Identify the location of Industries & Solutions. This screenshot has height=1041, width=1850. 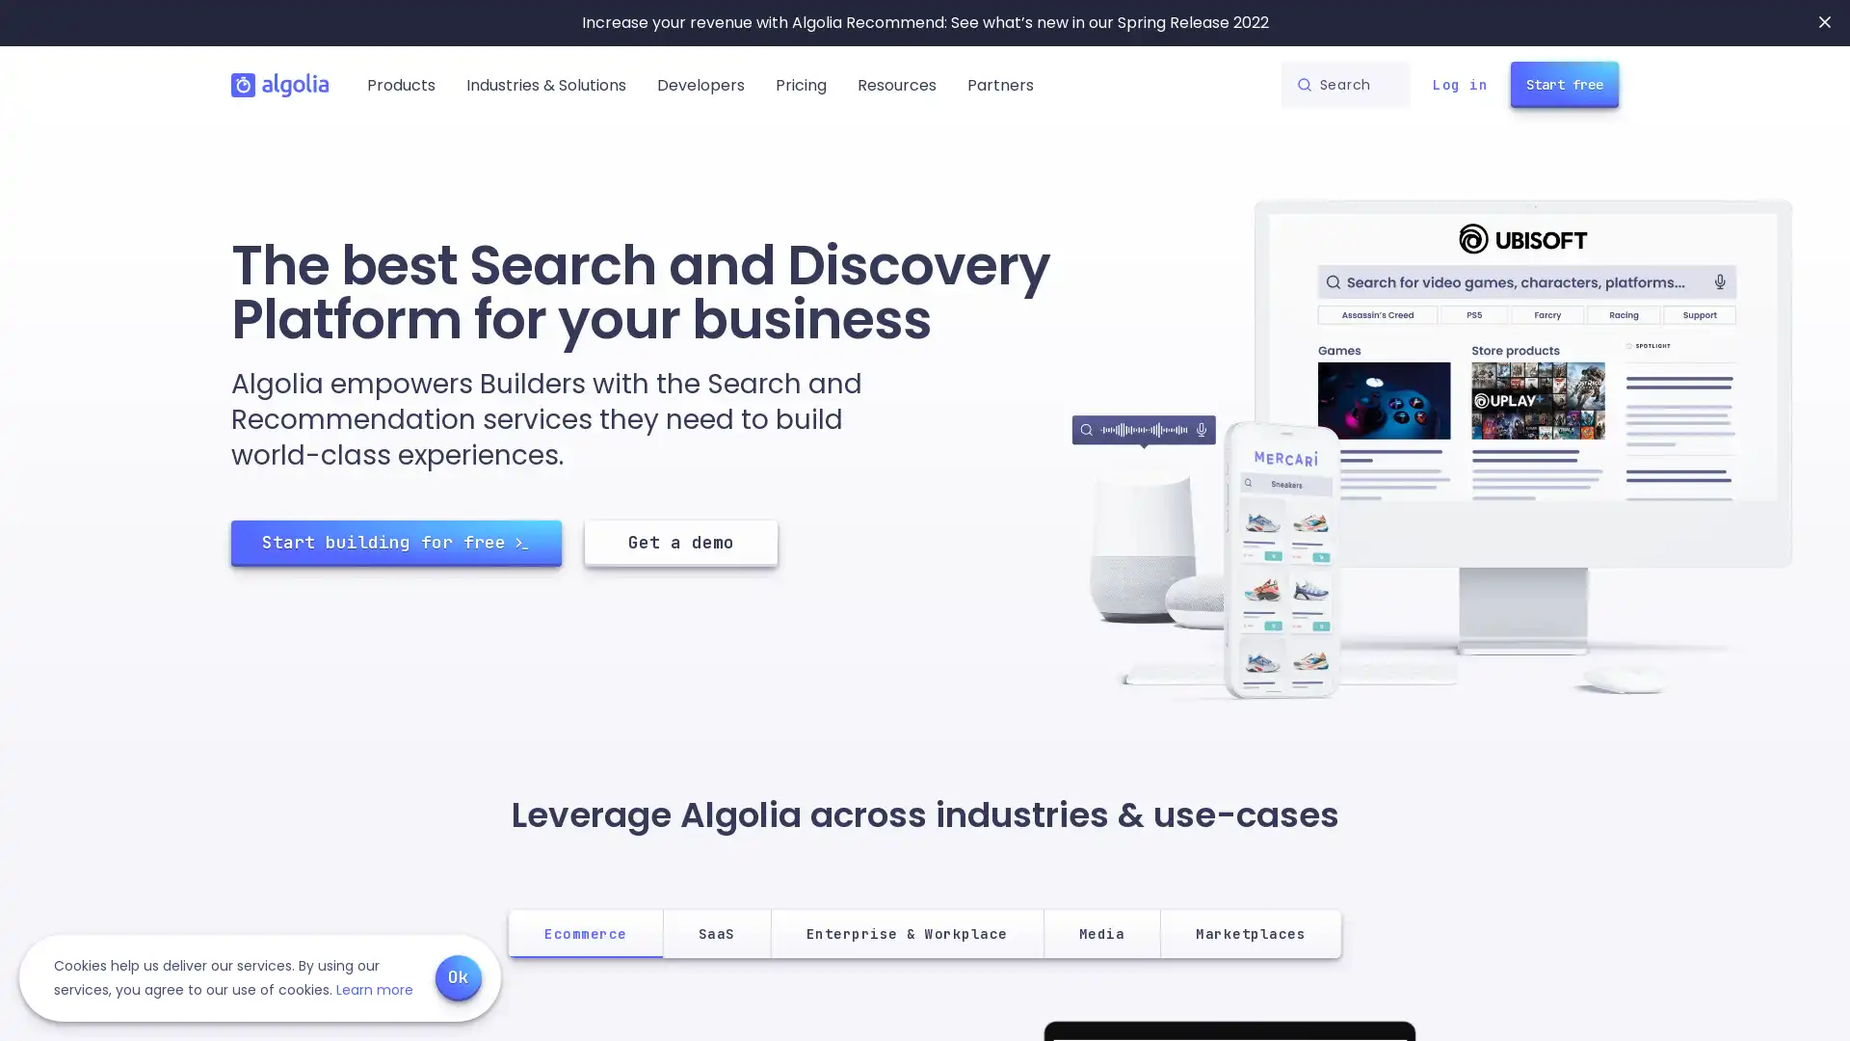
(553, 84).